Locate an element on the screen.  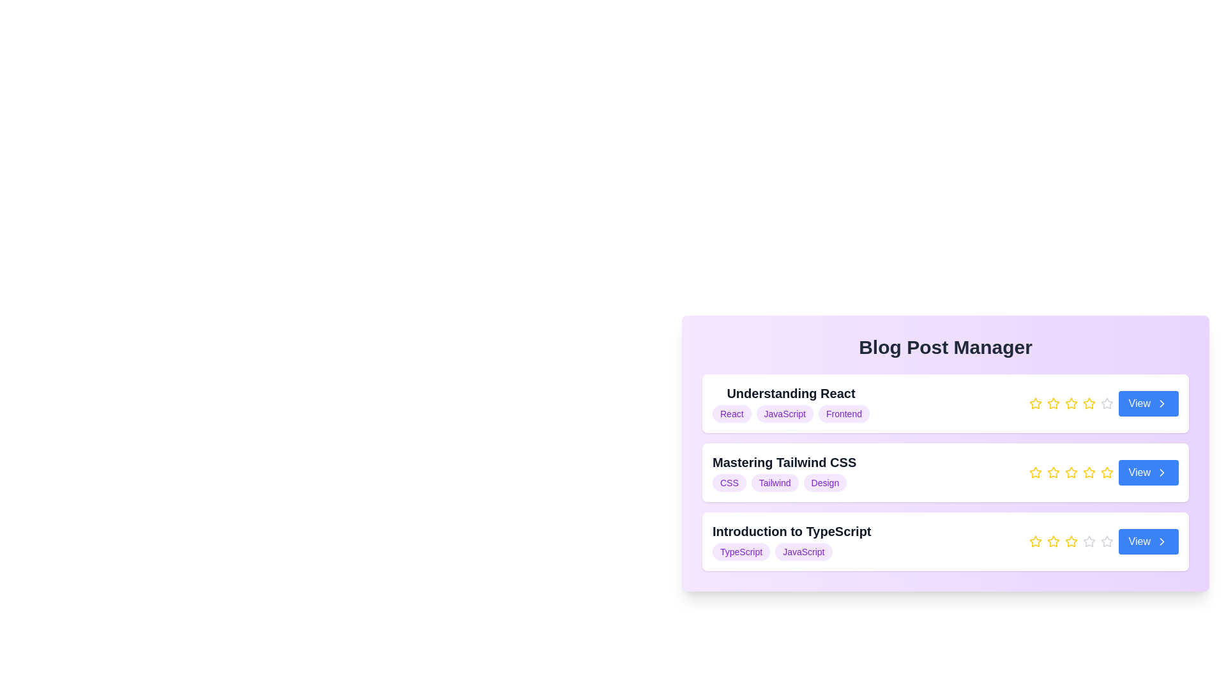
the 'Design' label, which is the third label in a row of three labels ('CSS', 'Tailwind', 'Design') below the title 'Mastering Tailwind CSS' is located at coordinates (825, 483).